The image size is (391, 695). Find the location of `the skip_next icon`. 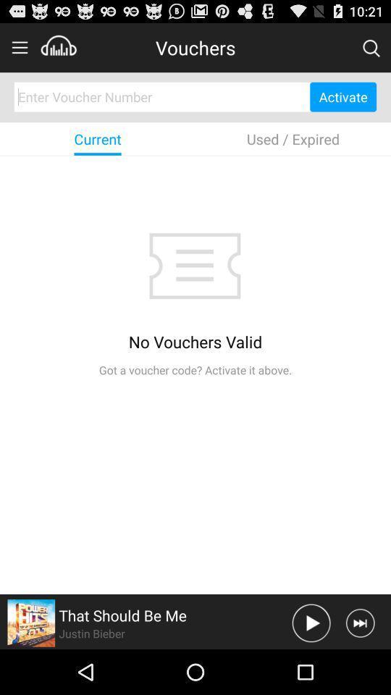

the skip_next icon is located at coordinates (359, 667).